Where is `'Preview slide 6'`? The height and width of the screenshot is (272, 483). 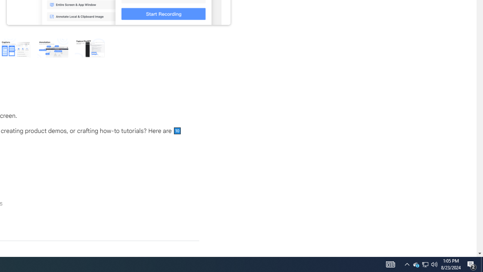
'Preview slide 6' is located at coordinates (90, 48).